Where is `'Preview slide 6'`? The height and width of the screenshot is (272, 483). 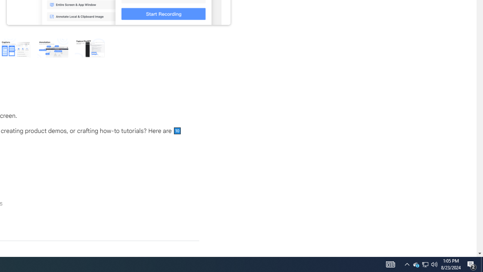
'Preview slide 6' is located at coordinates (90, 48).